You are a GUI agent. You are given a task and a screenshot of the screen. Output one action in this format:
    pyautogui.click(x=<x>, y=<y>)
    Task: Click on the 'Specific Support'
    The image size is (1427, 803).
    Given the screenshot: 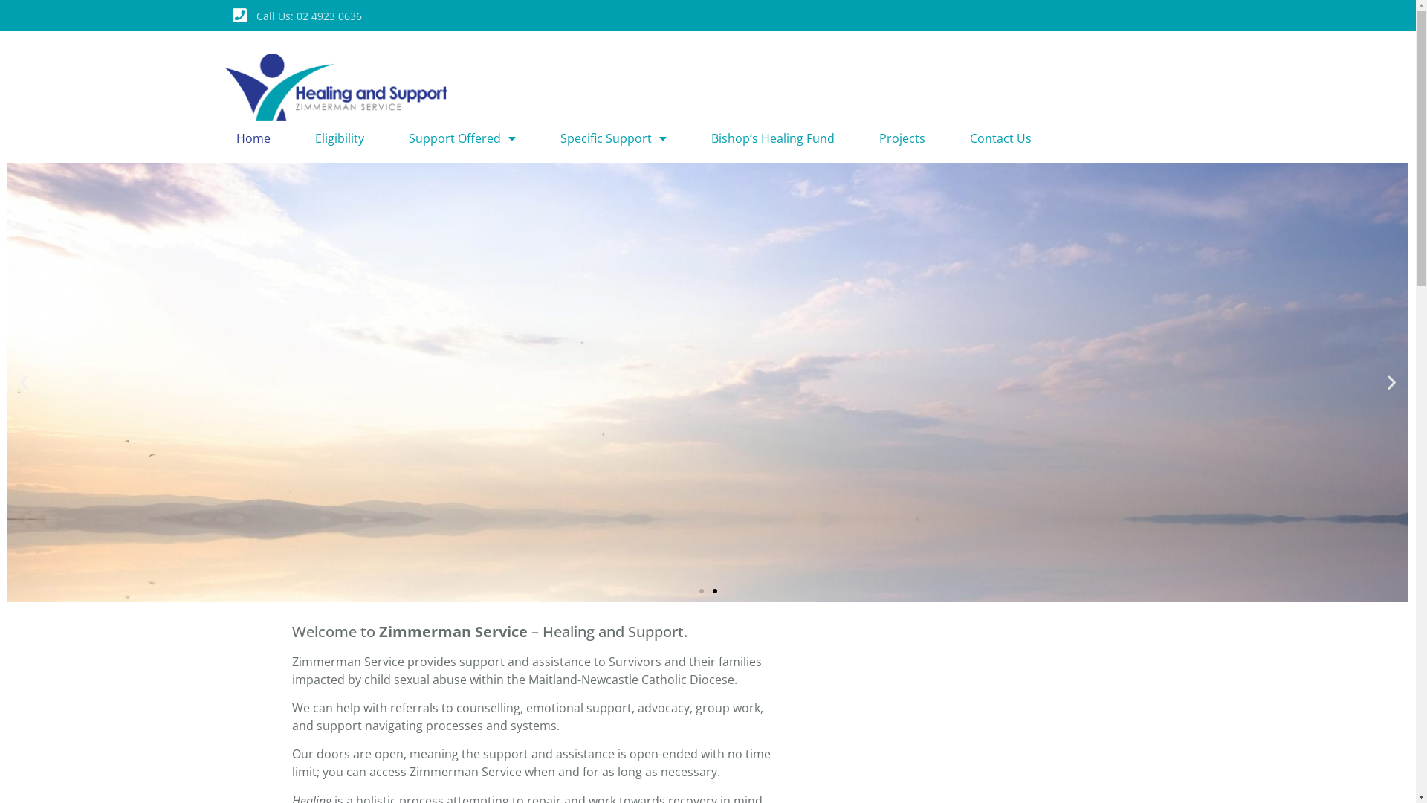 What is the action you would take?
    pyautogui.click(x=613, y=138)
    